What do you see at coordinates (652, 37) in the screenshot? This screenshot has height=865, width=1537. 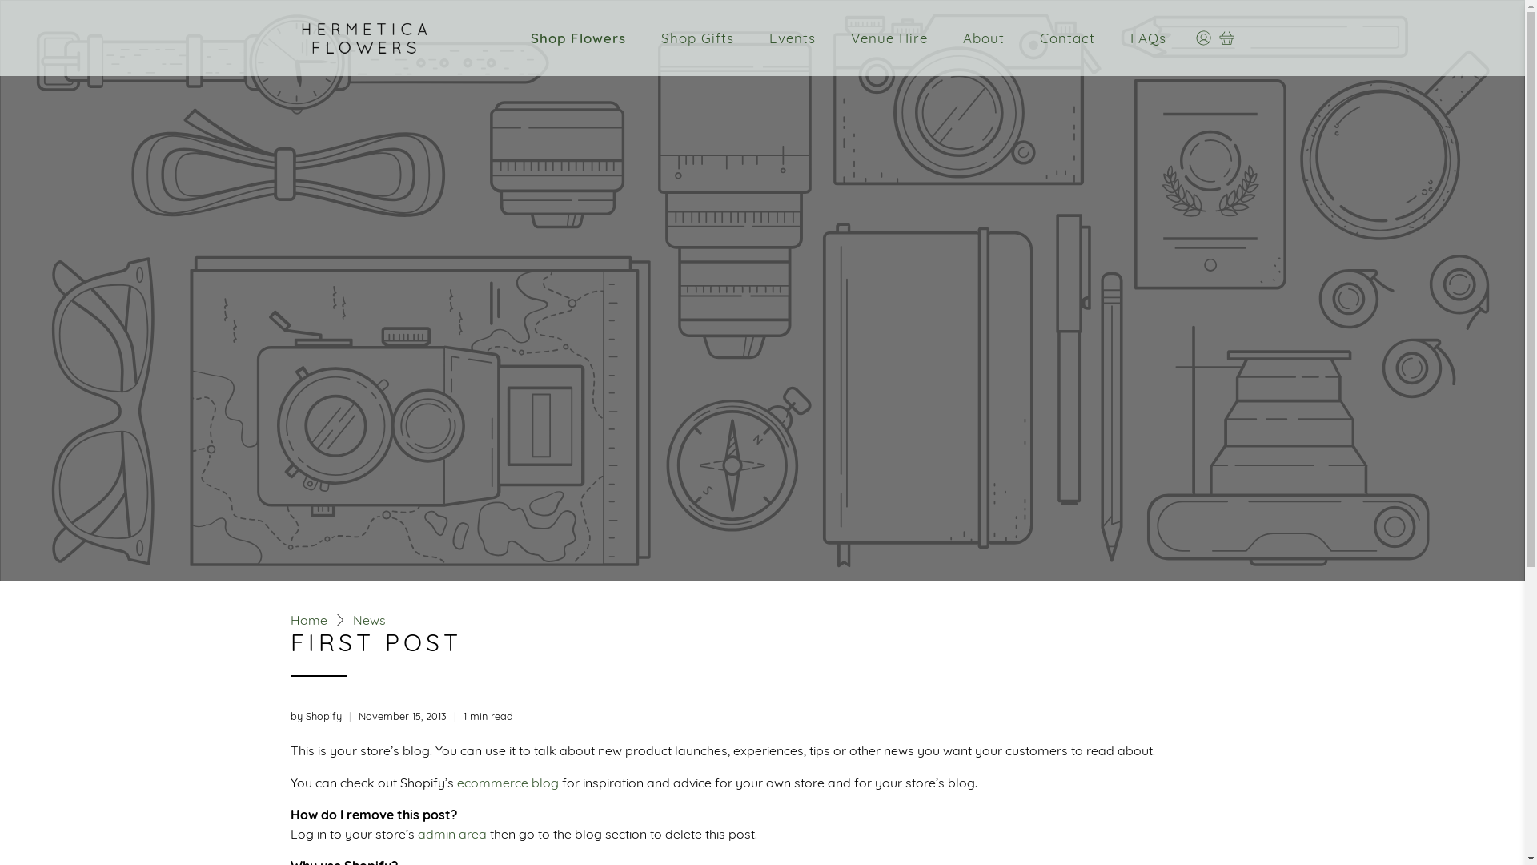 I see `'Shop Gifts'` at bounding box center [652, 37].